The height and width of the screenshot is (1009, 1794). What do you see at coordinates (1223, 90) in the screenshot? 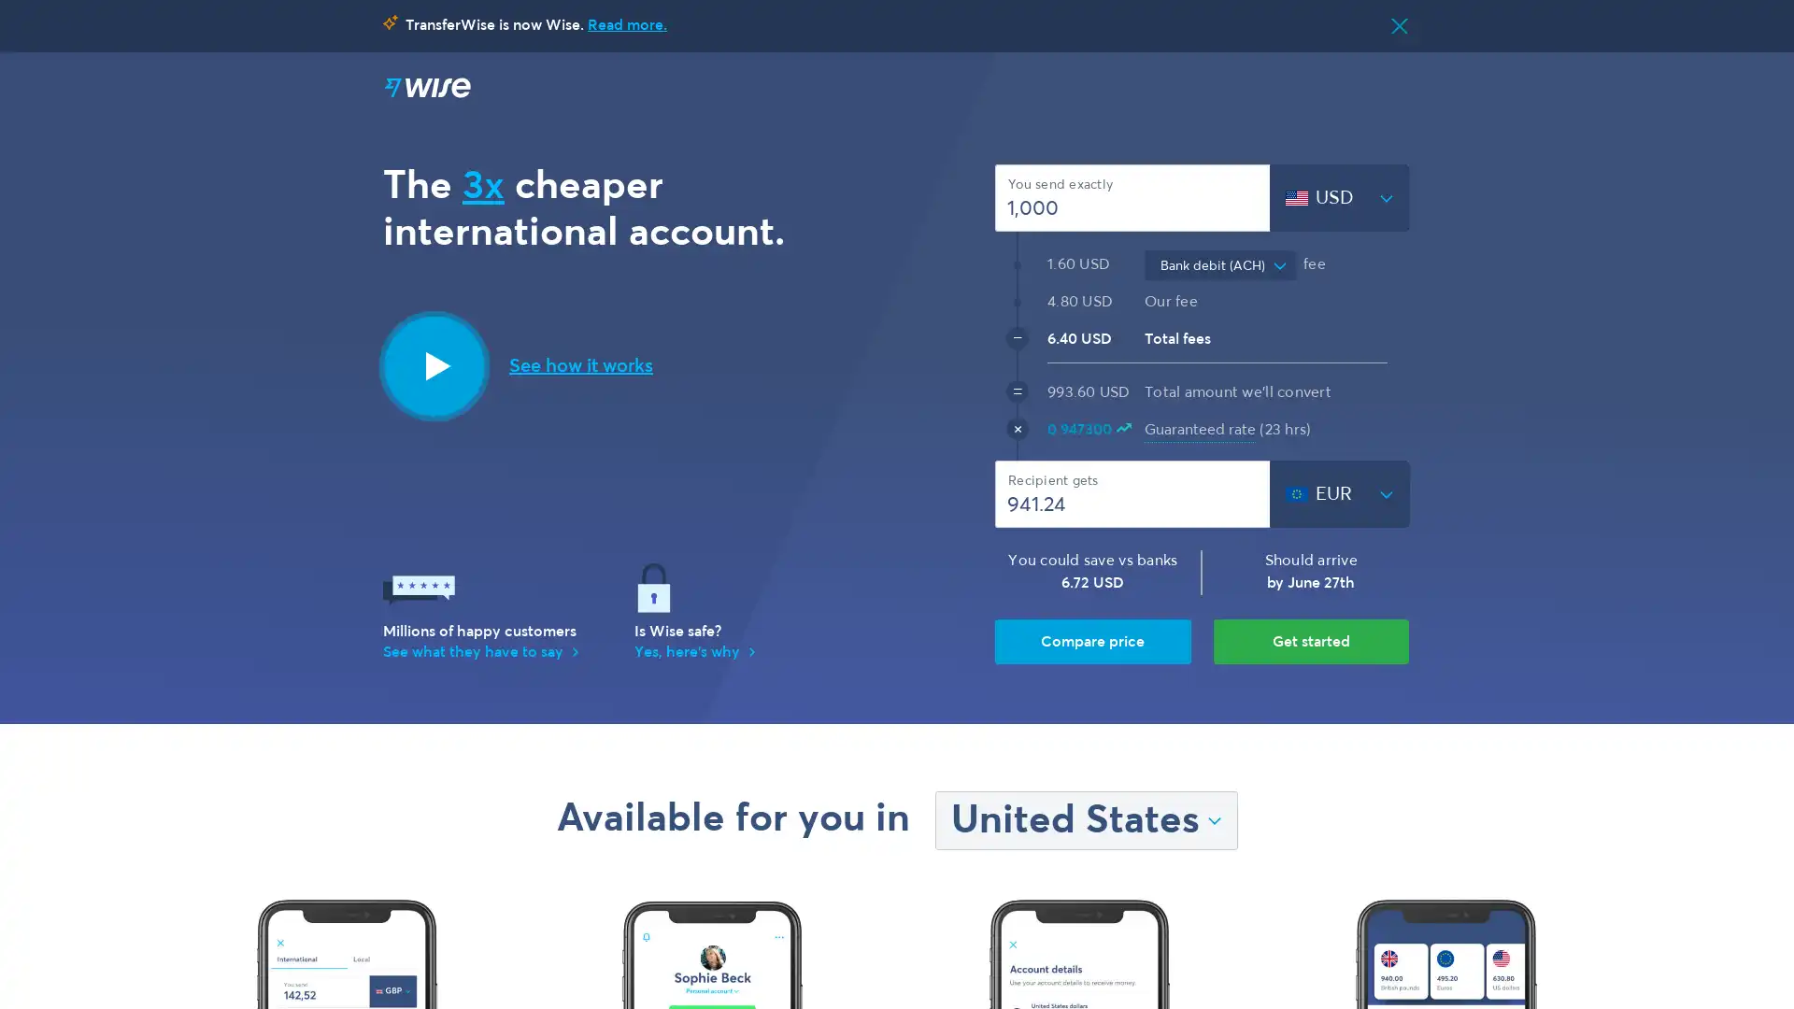
I see `EN` at bounding box center [1223, 90].